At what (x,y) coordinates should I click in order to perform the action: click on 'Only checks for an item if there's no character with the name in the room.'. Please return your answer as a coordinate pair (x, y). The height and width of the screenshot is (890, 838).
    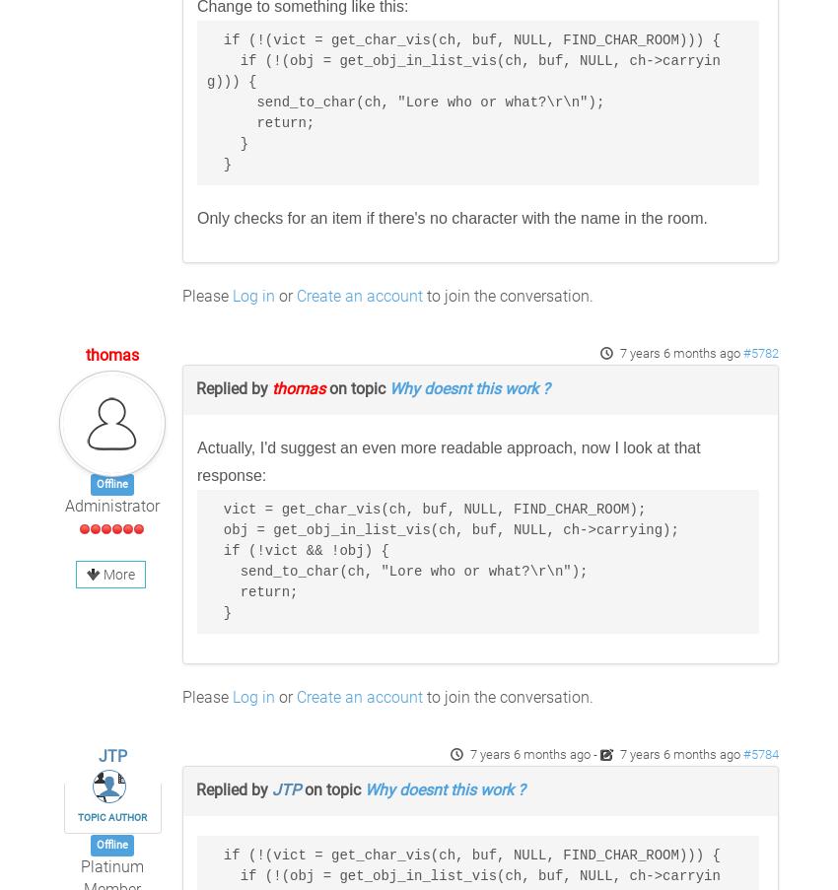
    Looking at the image, I should click on (451, 218).